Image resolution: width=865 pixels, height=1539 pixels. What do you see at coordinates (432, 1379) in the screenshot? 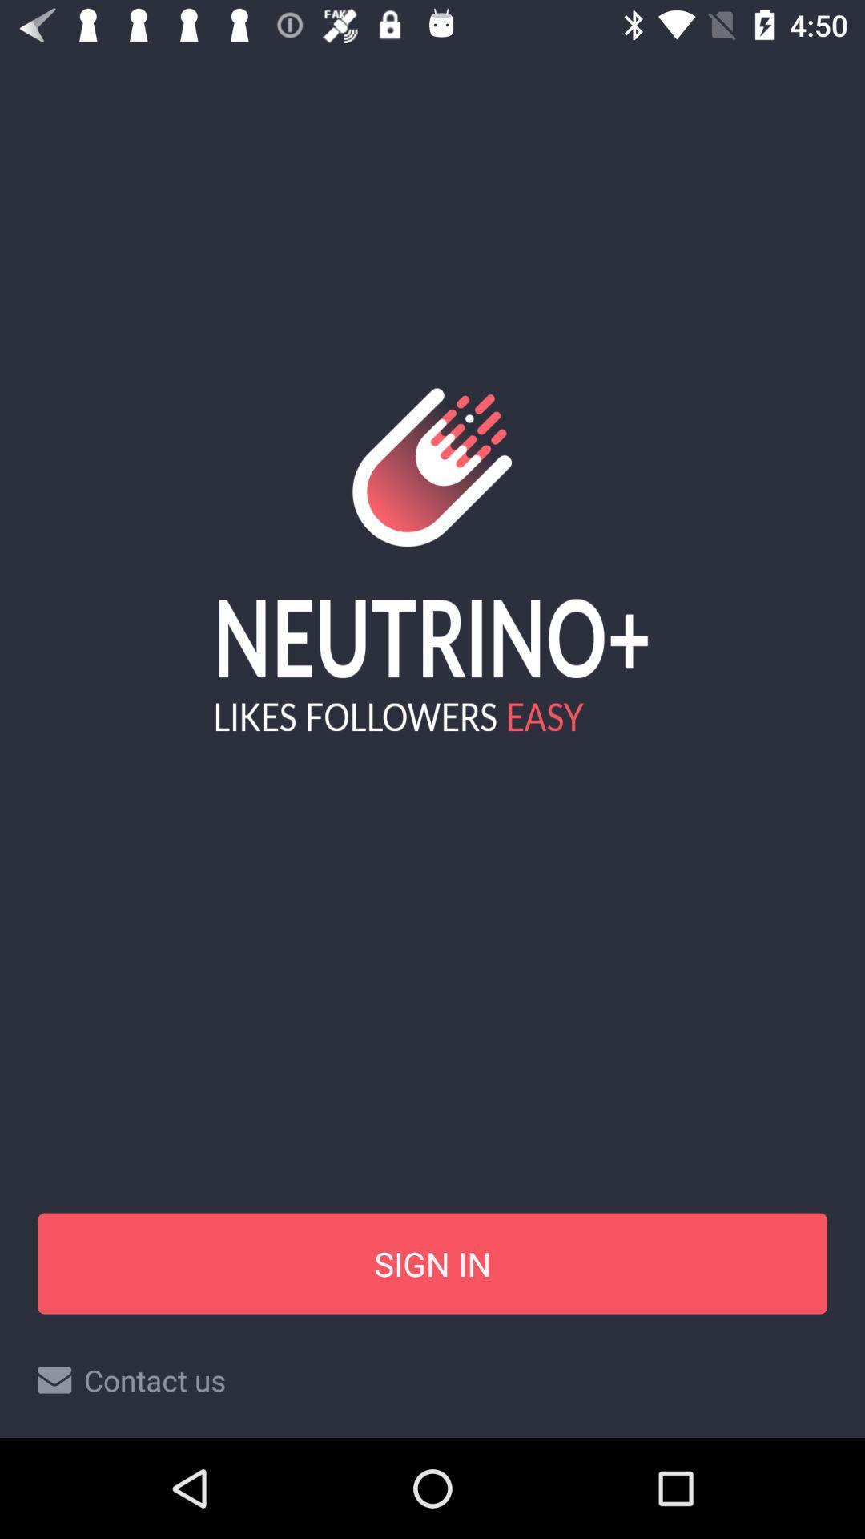
I see `the contact us icon` at bounding box center [432, 1379].